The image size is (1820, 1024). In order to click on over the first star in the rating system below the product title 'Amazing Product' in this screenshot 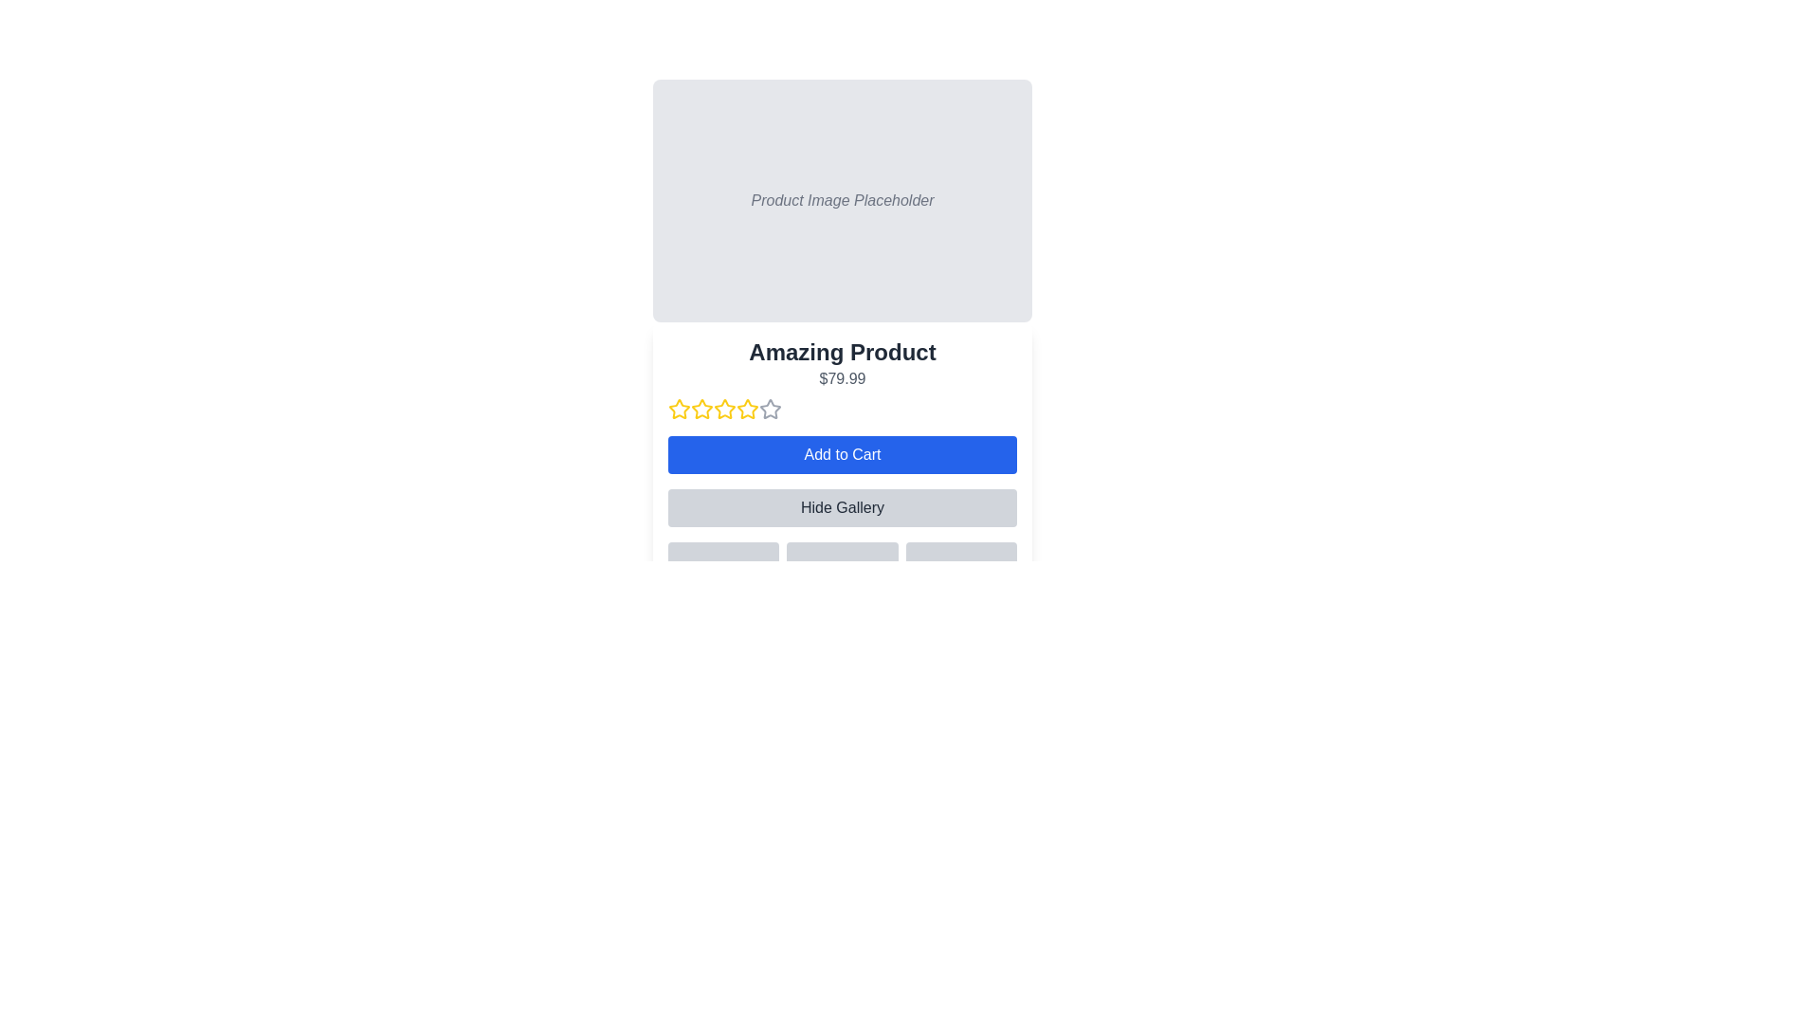, I will do `click(679, 408)`.